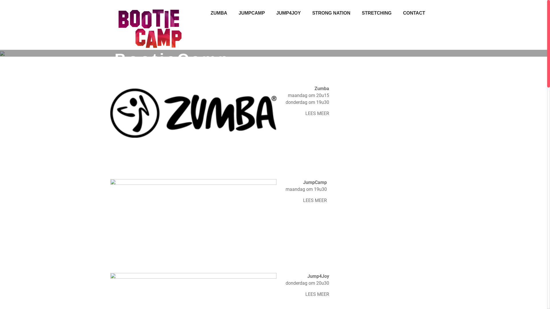 Image resolution: width=550 pixels, height=309 pixels. I want to click on 'STRETCHING', so click(377, 13).